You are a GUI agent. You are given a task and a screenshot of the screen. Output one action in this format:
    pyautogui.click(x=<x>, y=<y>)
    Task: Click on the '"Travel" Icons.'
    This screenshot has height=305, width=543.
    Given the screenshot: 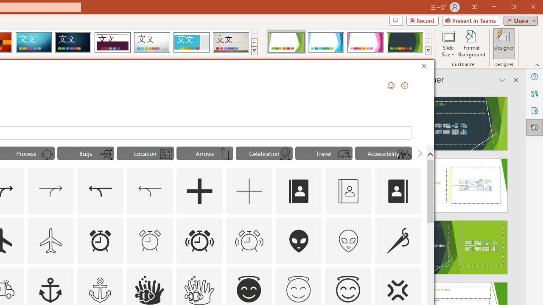 What is the action you would take?
    pyautogui.click(x=323, y=153)
    